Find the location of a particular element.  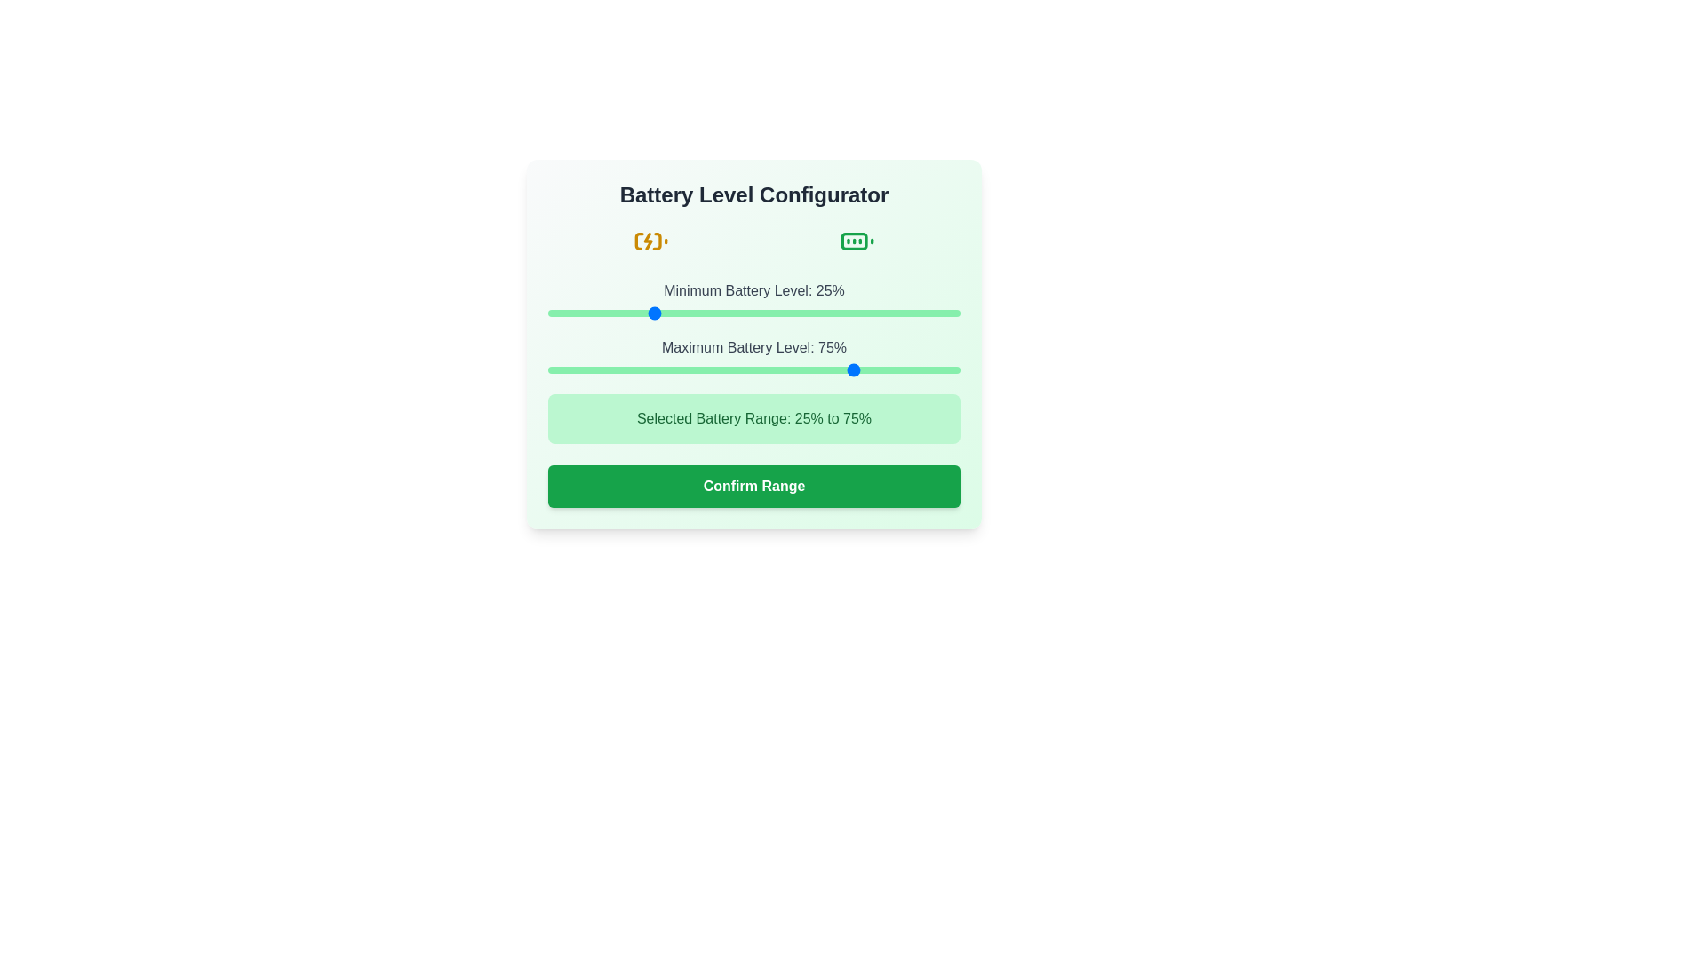

the maximum battery level is located at coordinates (926, 369).